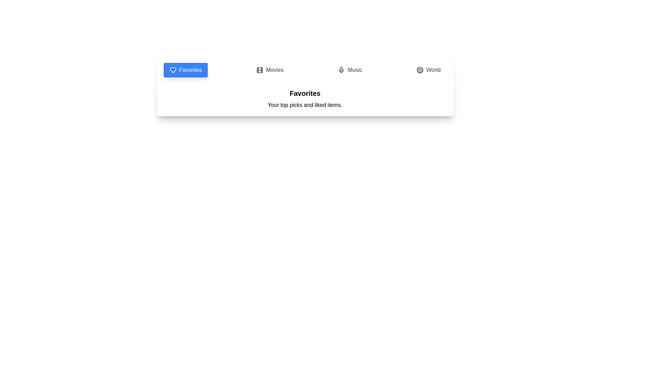 This screenshot has height=375, width=666. What do you see at coordinates (428, 70) in the screenshot?
I see `the tab labeled World to select it` at bounding box center [428, 70].